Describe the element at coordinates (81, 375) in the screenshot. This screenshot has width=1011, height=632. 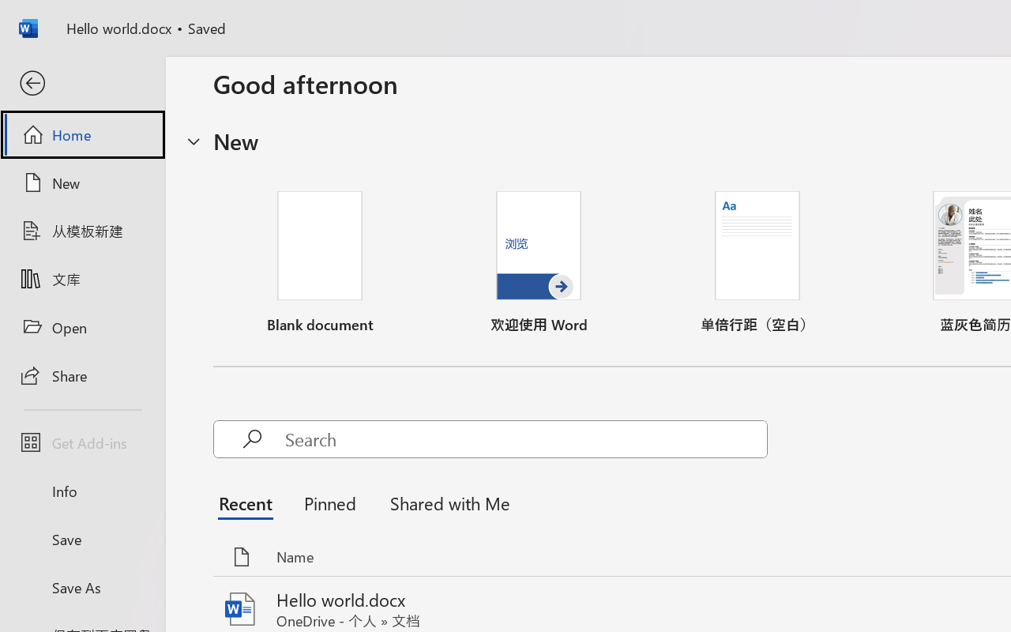
I see `'Share'` at that location.